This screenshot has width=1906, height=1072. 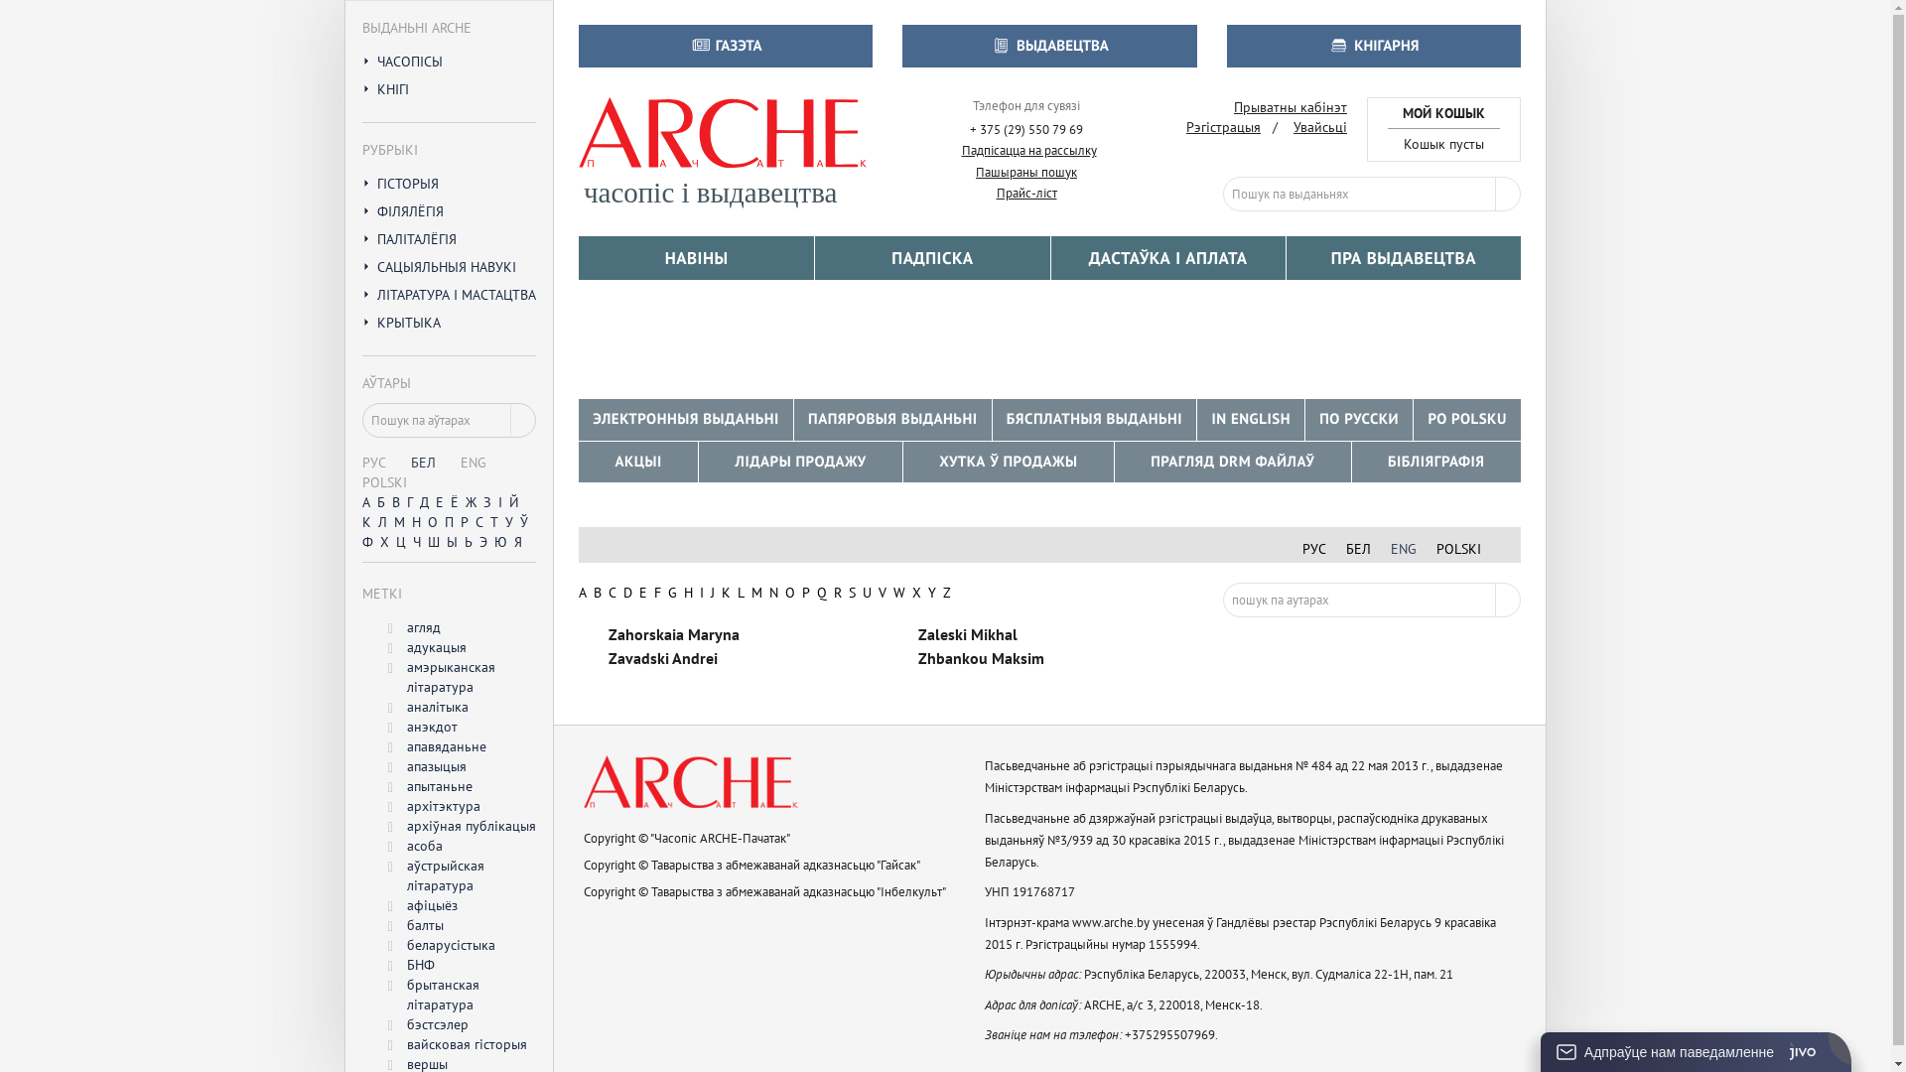 I want to click on 'M', so click(x=755, y=592).